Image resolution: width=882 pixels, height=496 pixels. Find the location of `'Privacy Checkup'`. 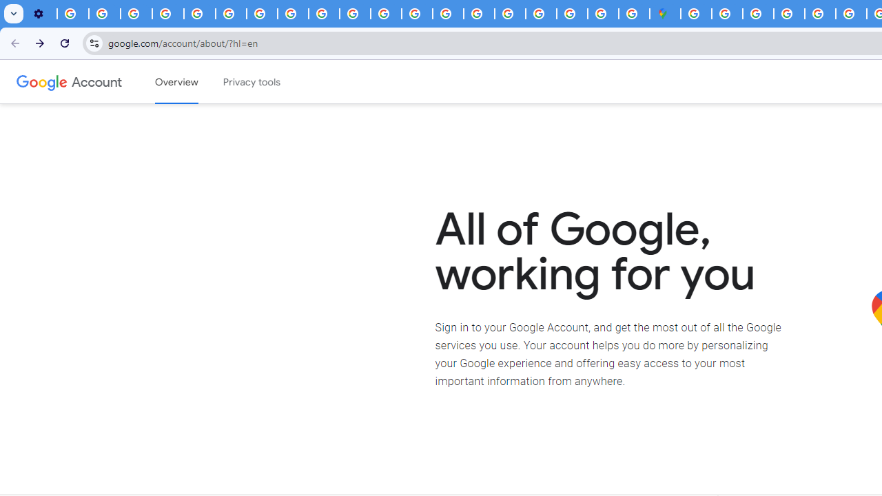

'Privacy Checkup' is located at coordinates (355, 14).